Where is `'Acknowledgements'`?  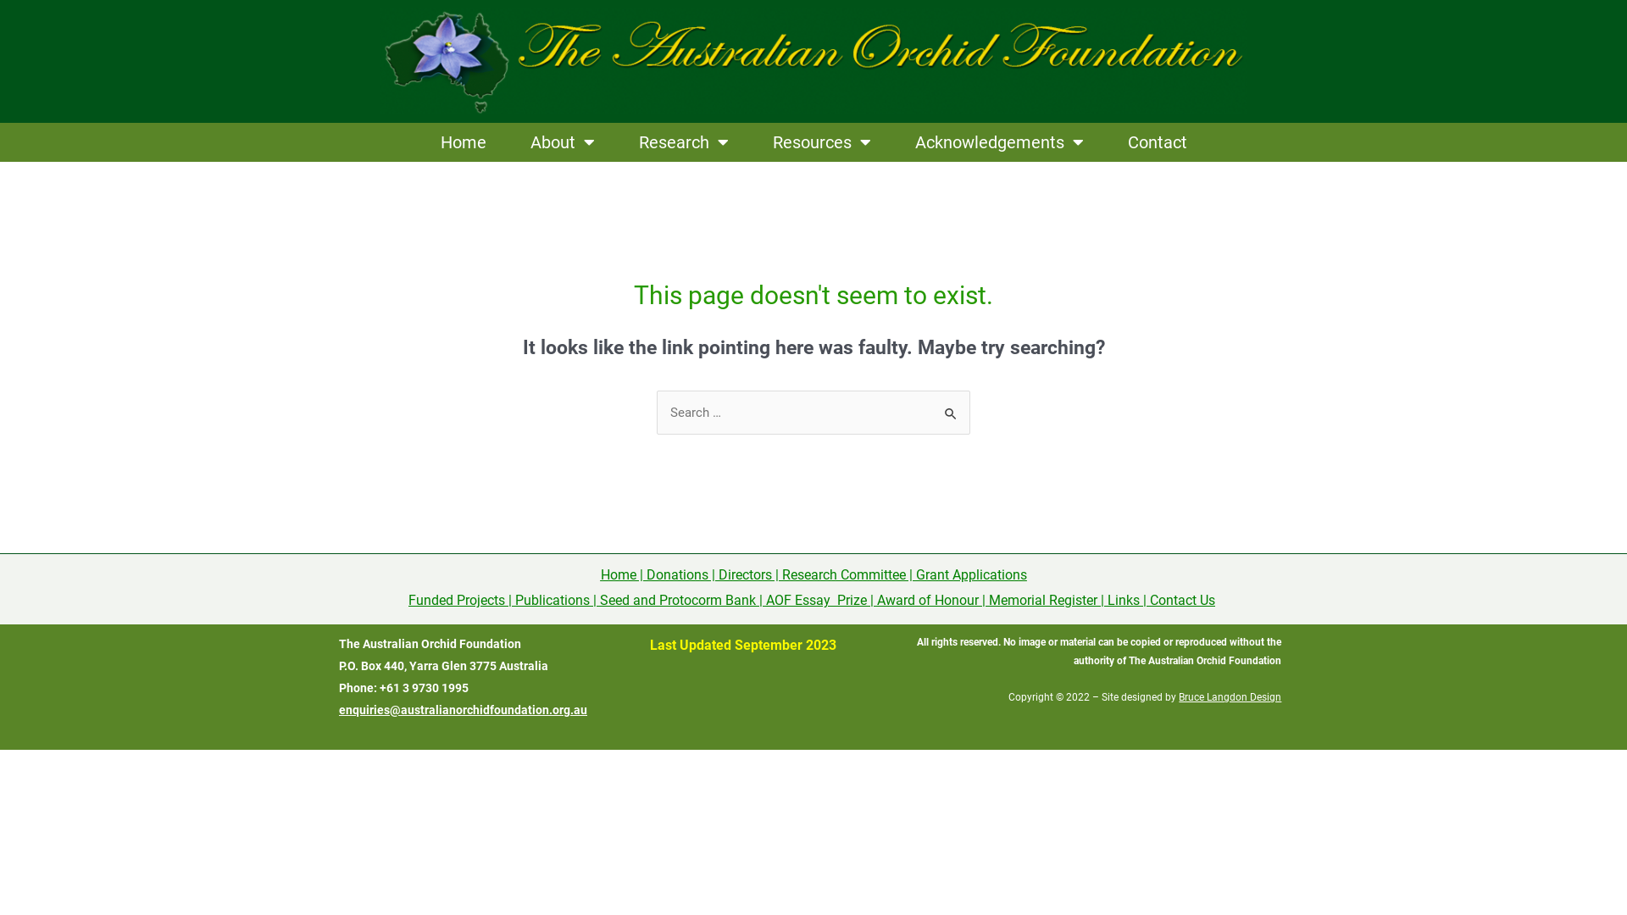 'Acknowledgements' is located at coordinates (999, 141).